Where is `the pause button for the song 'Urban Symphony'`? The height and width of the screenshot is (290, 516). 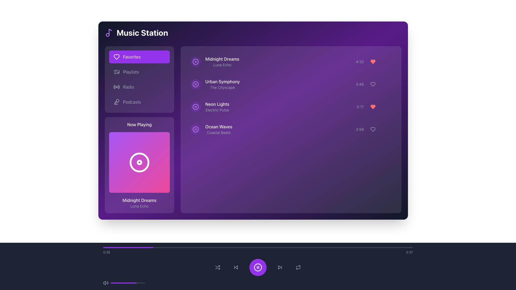
the pause button for the song 'Urban Symphony' is located at coordinates (195, 84).